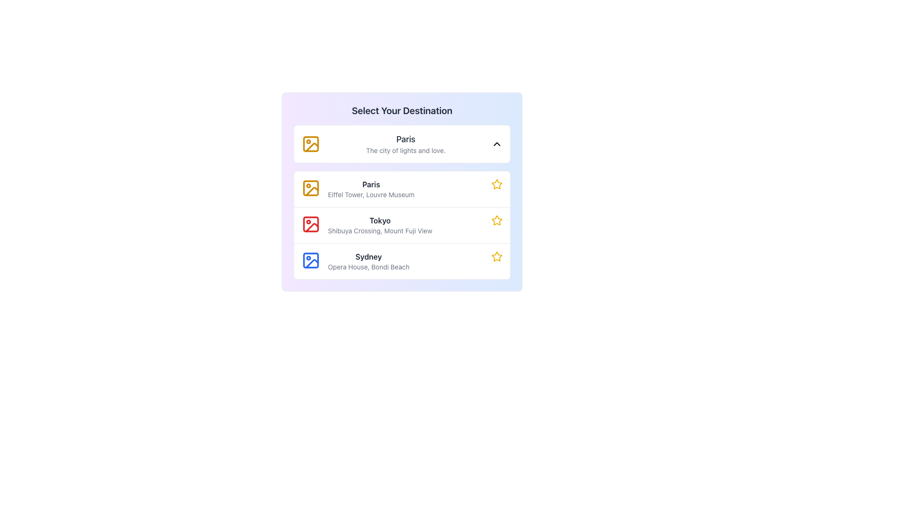 The image size is (902, 507). What do you see at coordinates (496, 220) in the screenshot?
I see `the star icon on the rightmost side of the second row for the destination 'Tokyo' to favorite or unfavorite it` at bounding box center [496, 220].